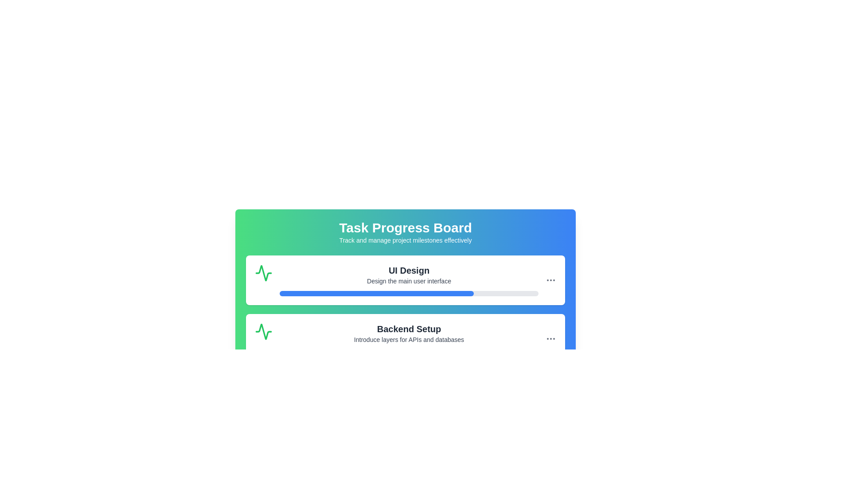 The width and height of the screenshot is (851, 479). Describe the element at coordinates (263, 273) in the screenshot. I see `the green waveform icon with a sharp peak, located within the task card for 'UI Design' at the far left of its bar section` at that location.